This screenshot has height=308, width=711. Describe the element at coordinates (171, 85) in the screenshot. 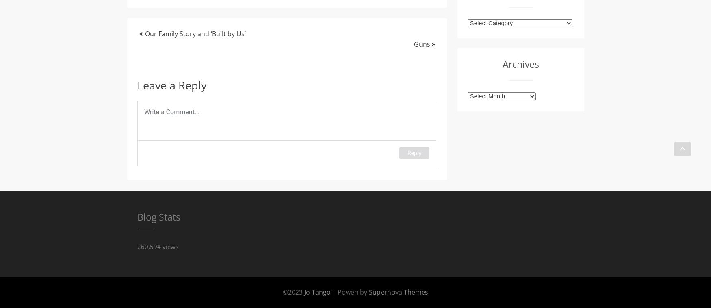

I see `'Leave a Reply'` at that location.